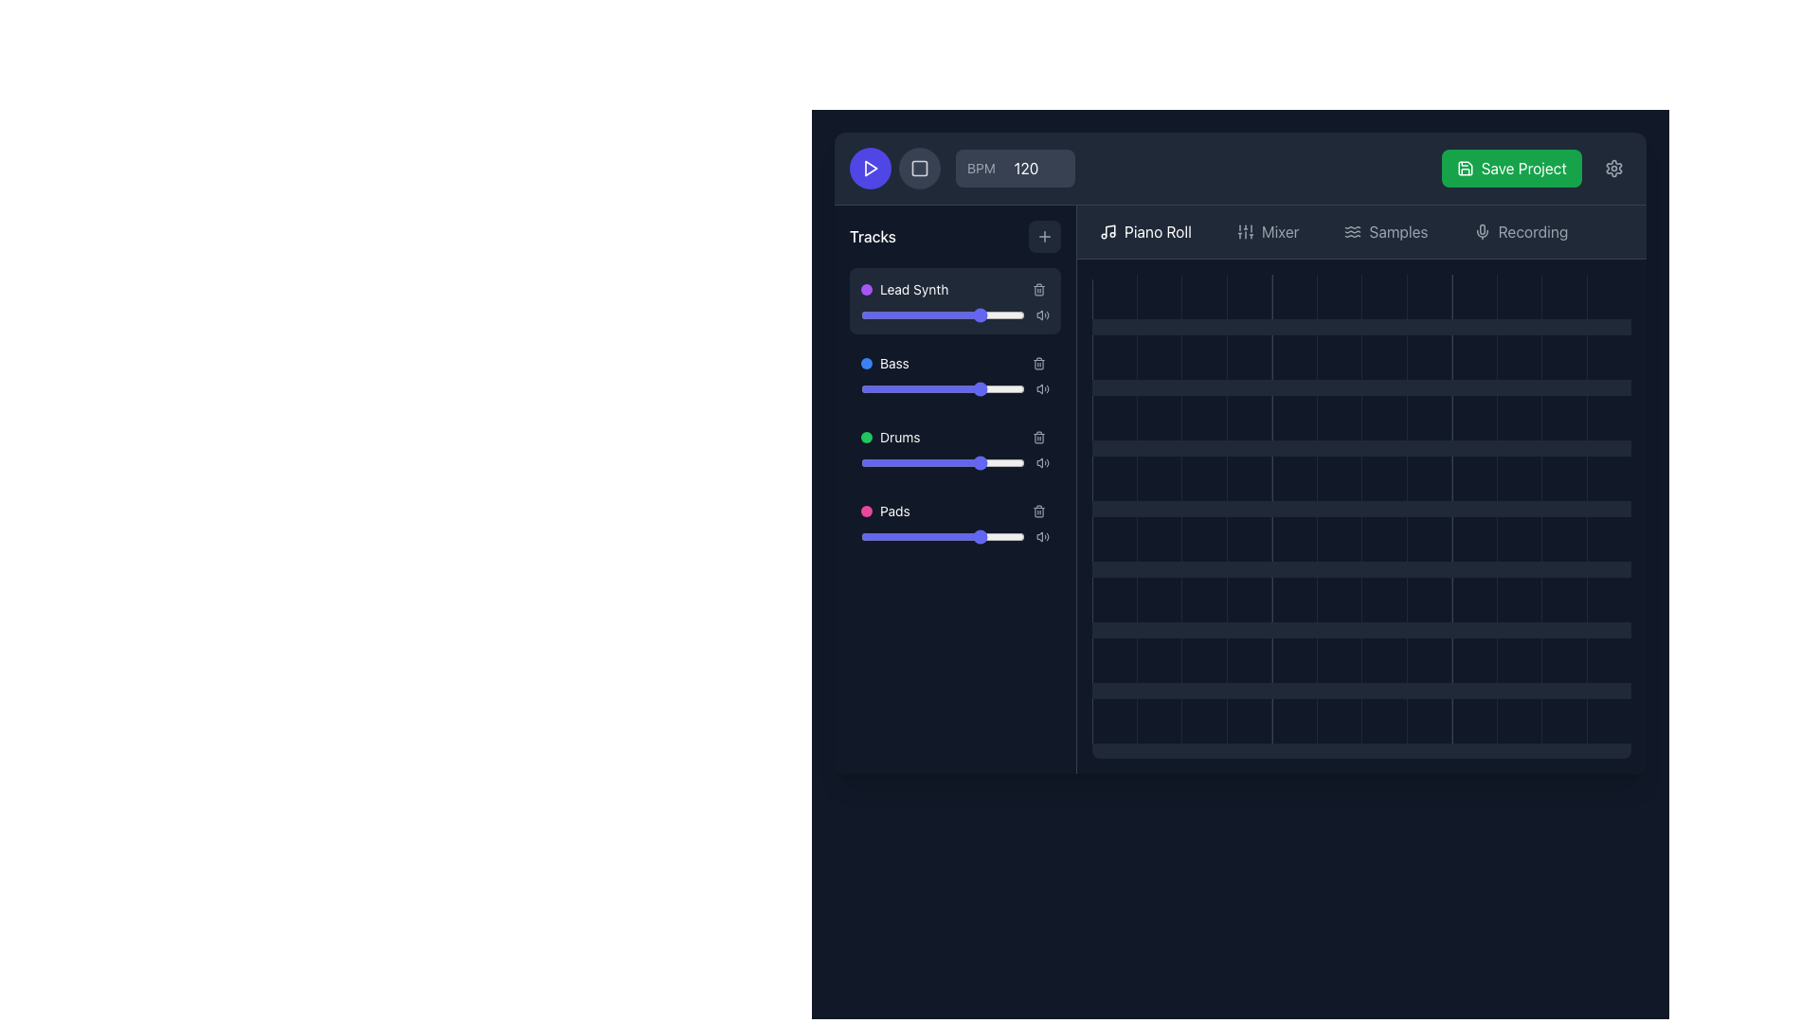 This screenshot has height=1023, width=1819. Describe the element at coordinates (1429, 600) in the screenshot. I see `the plain square grid cell in the 8th column of the 4th row of a dark grid interface` at that location.